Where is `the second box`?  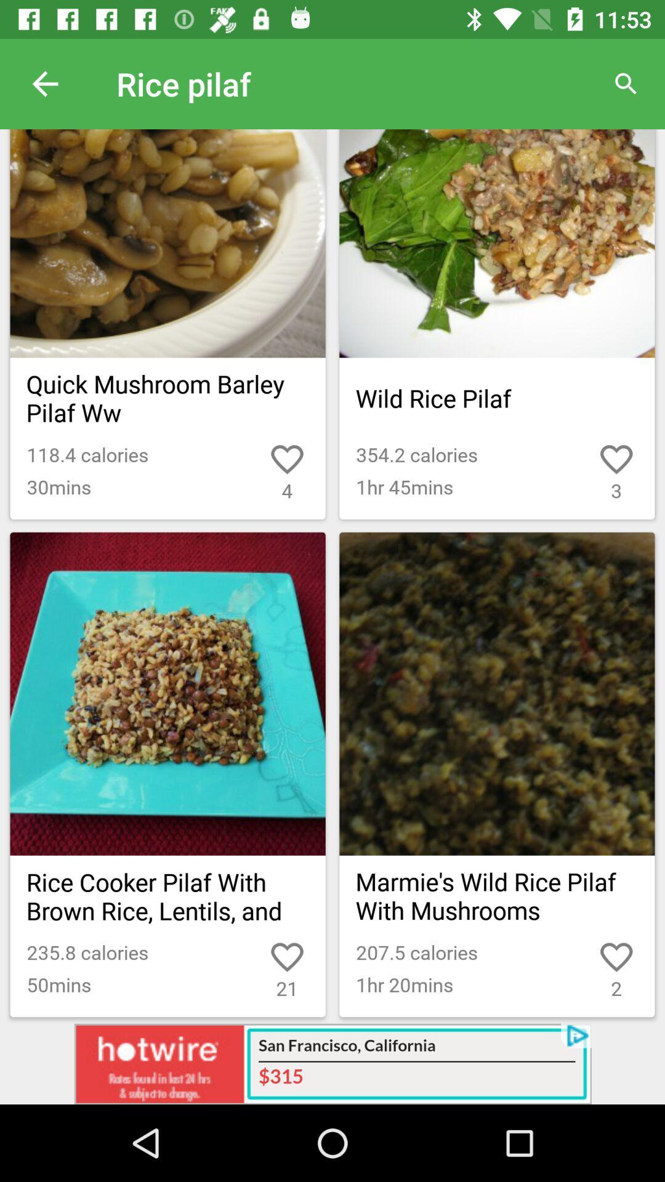
the second box is located at coordinates (496, 324).